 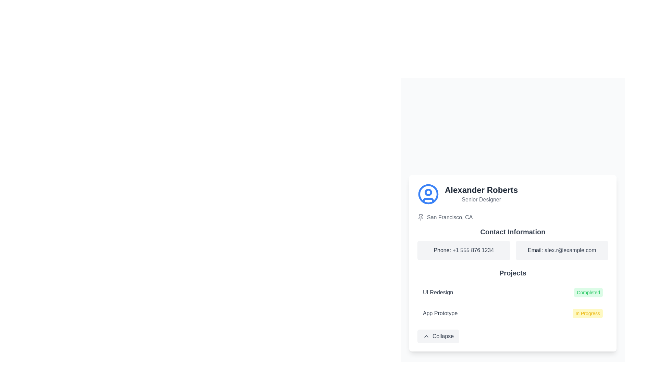 What do you see at coordinates (513, 292) in the screenshot?
I see `the project status entry labeled 'UI Redesign' that displays its completion status as 'Completed', which is the first entry under the 'Projects' section, to interact with adjacent projects` at bounding box center [513, 292].